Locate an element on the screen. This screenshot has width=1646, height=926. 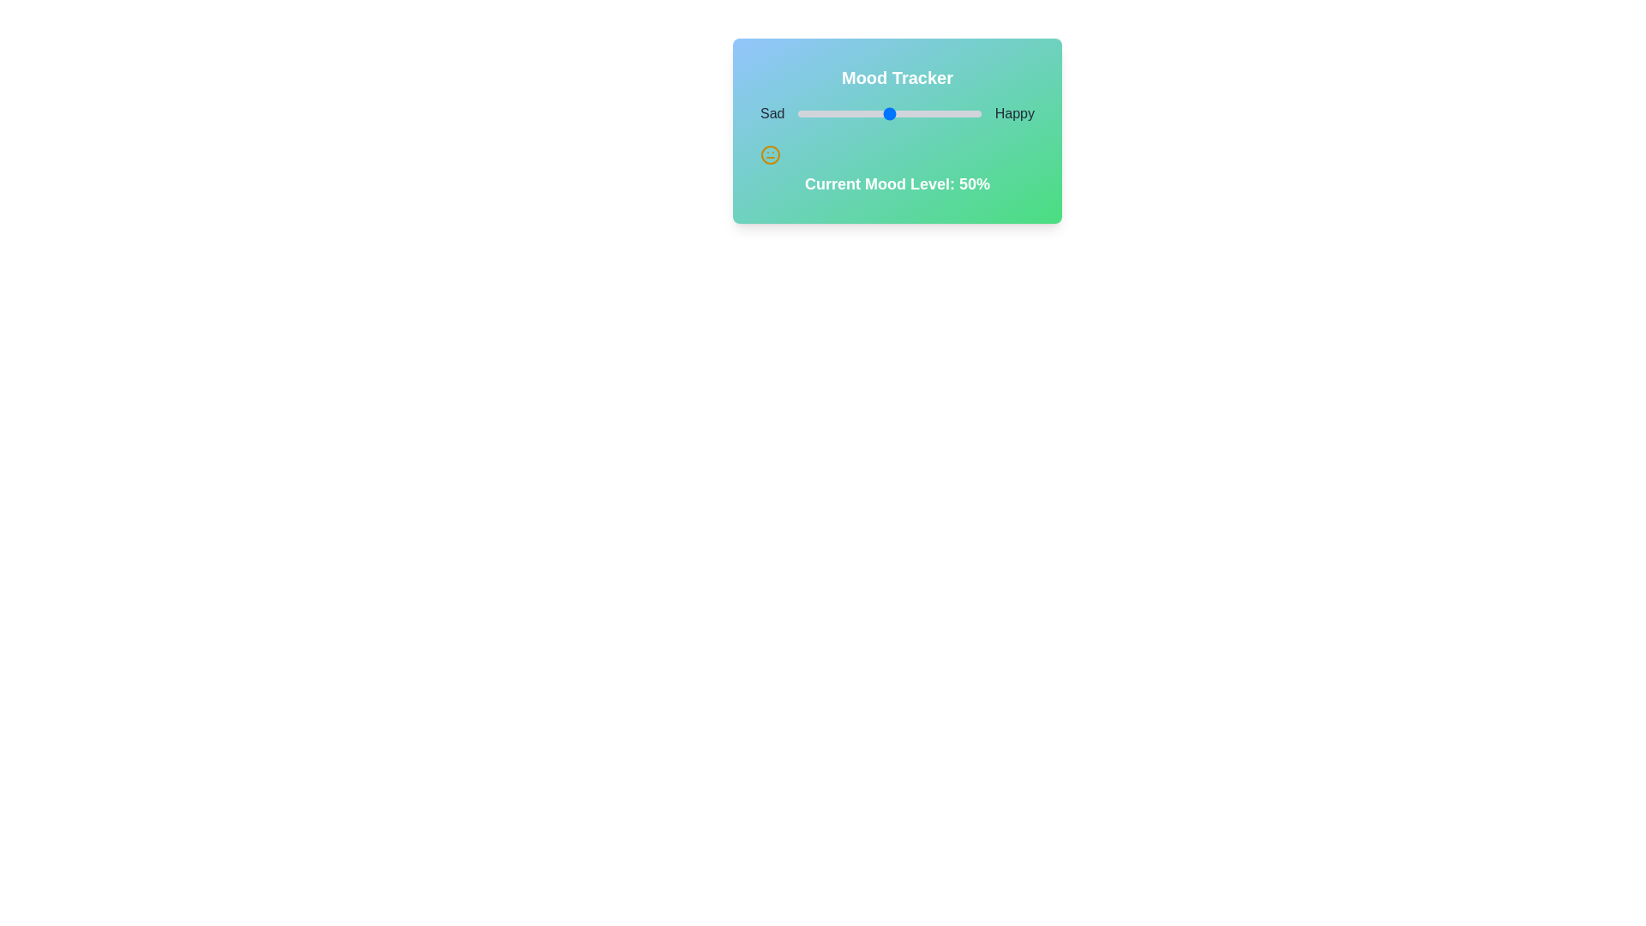
the mood slider to set the mood value to 12 is located at coordinates (820, 113).